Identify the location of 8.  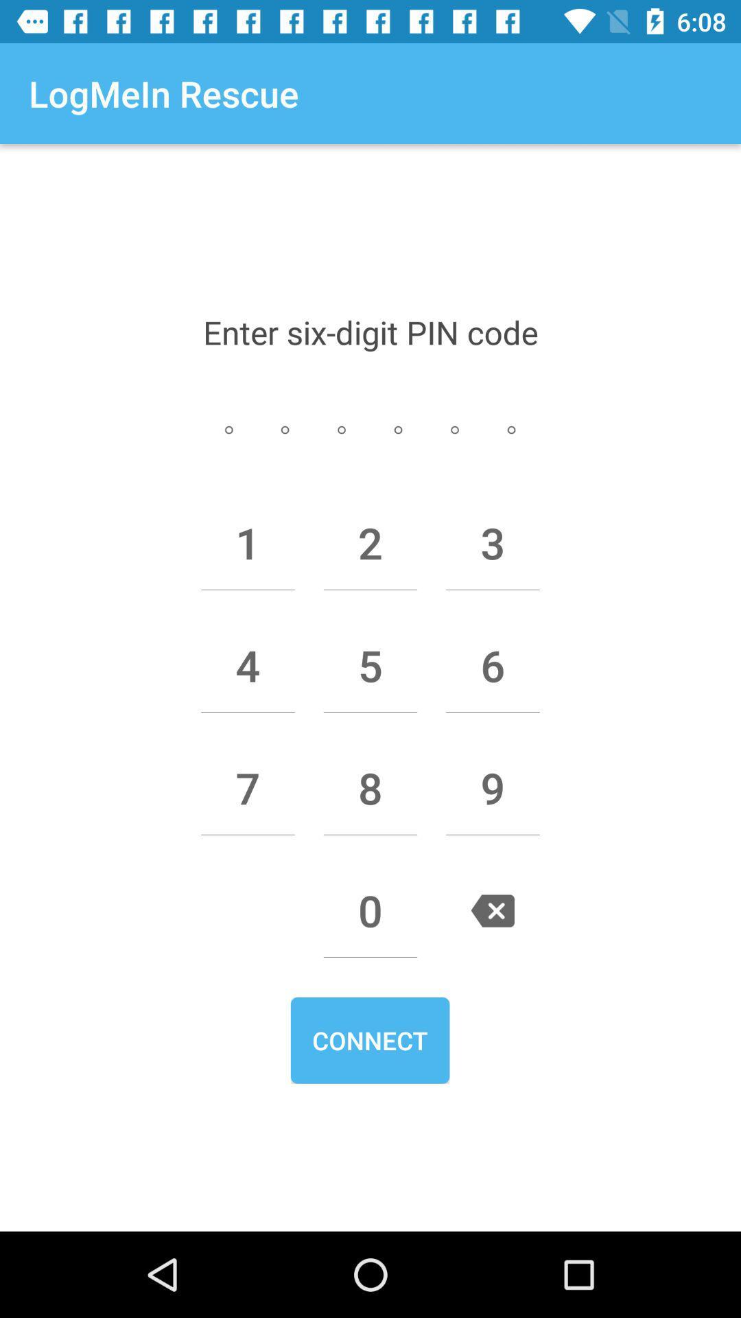
(370, 788).